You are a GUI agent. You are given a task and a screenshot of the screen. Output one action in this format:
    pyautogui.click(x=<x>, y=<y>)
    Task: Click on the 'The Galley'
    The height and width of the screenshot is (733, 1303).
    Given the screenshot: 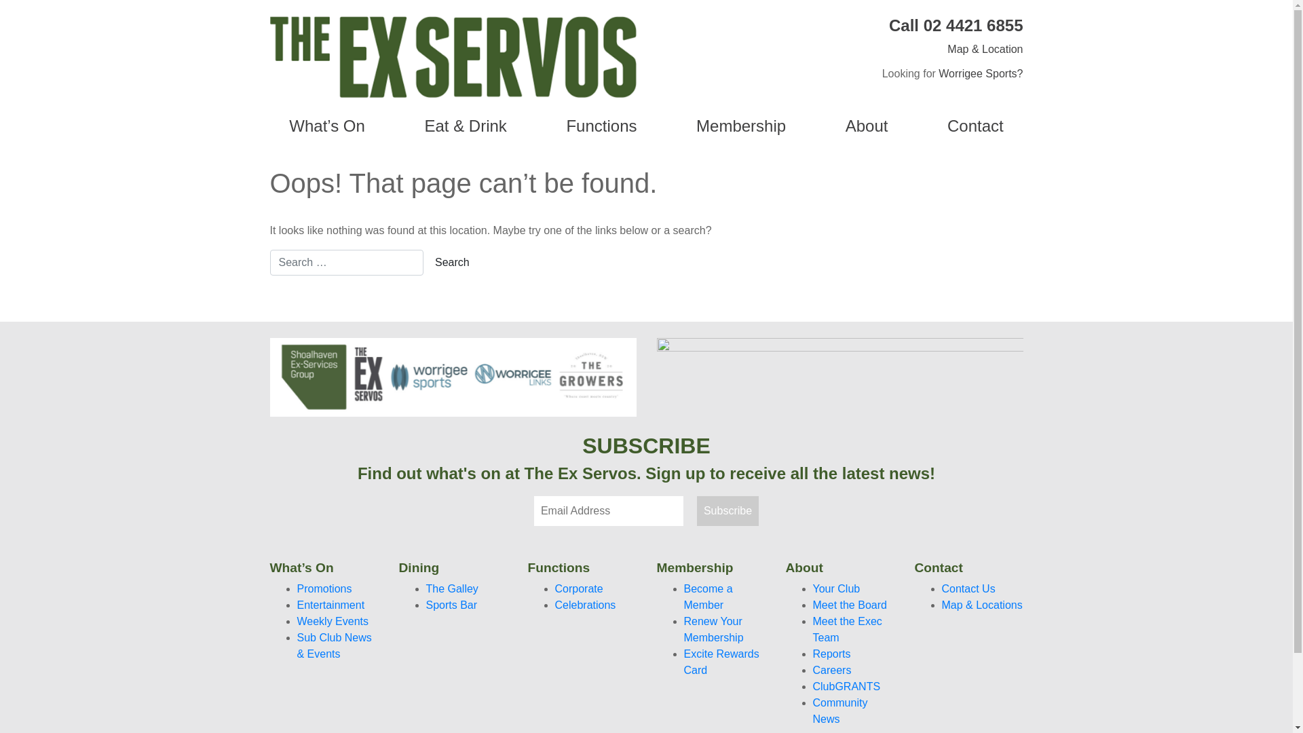 What is the action you would take?
    pyautogui.click(x=452, y=588)
    